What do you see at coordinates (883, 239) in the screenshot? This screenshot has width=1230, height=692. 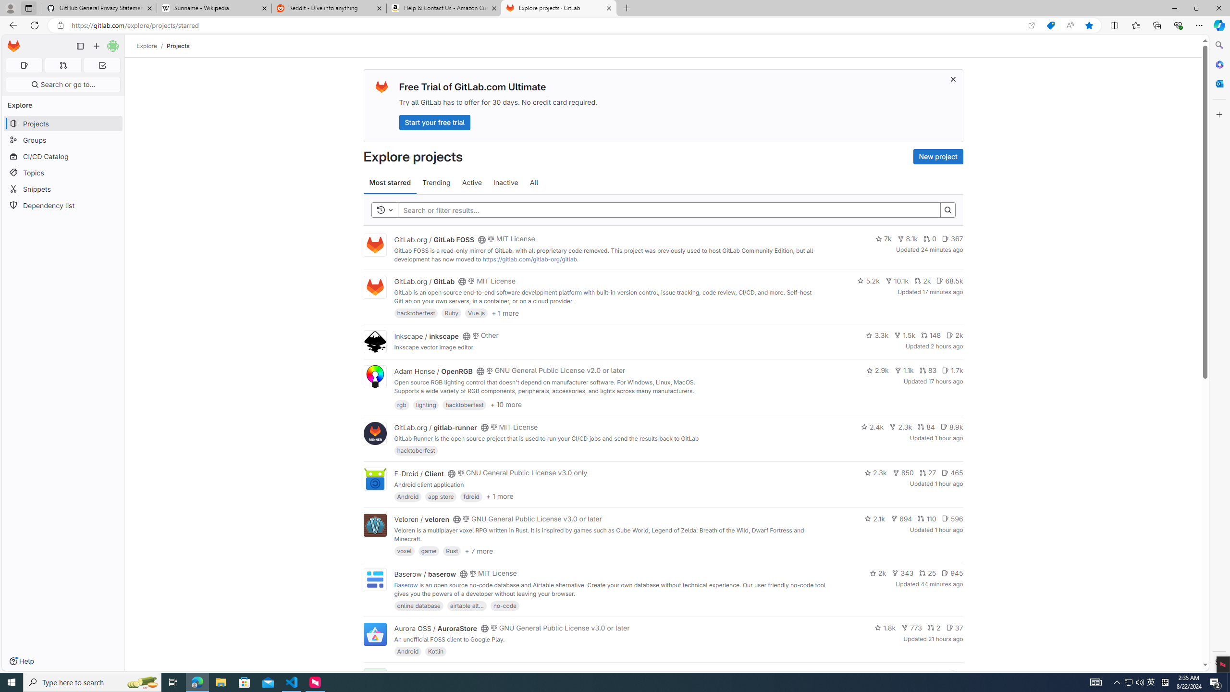 I see `'7k'` at bounding box center [883, 239].